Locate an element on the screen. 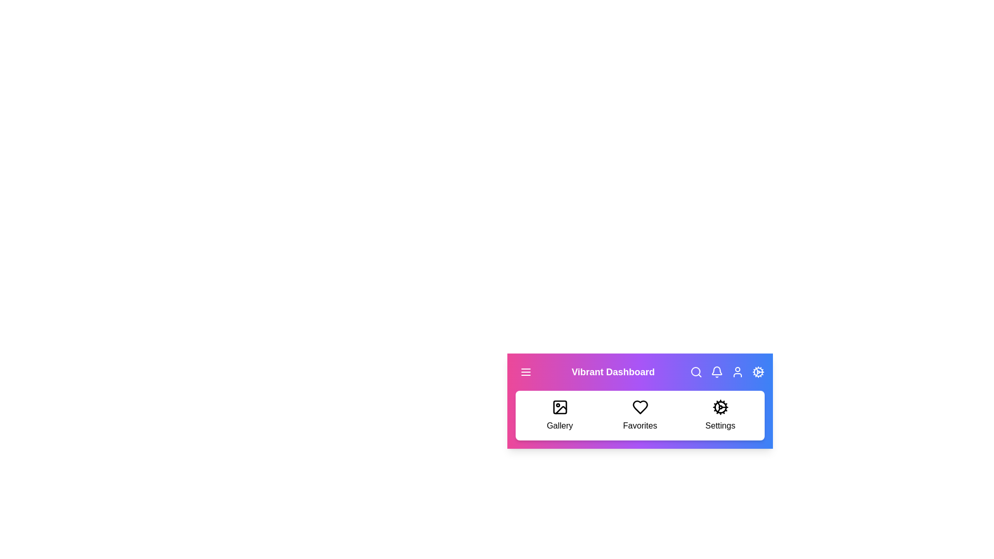 Image resolution: width=994 pixels, height=559 pixels. the user profile button to access the user profile is located at coordinates (737, 371).